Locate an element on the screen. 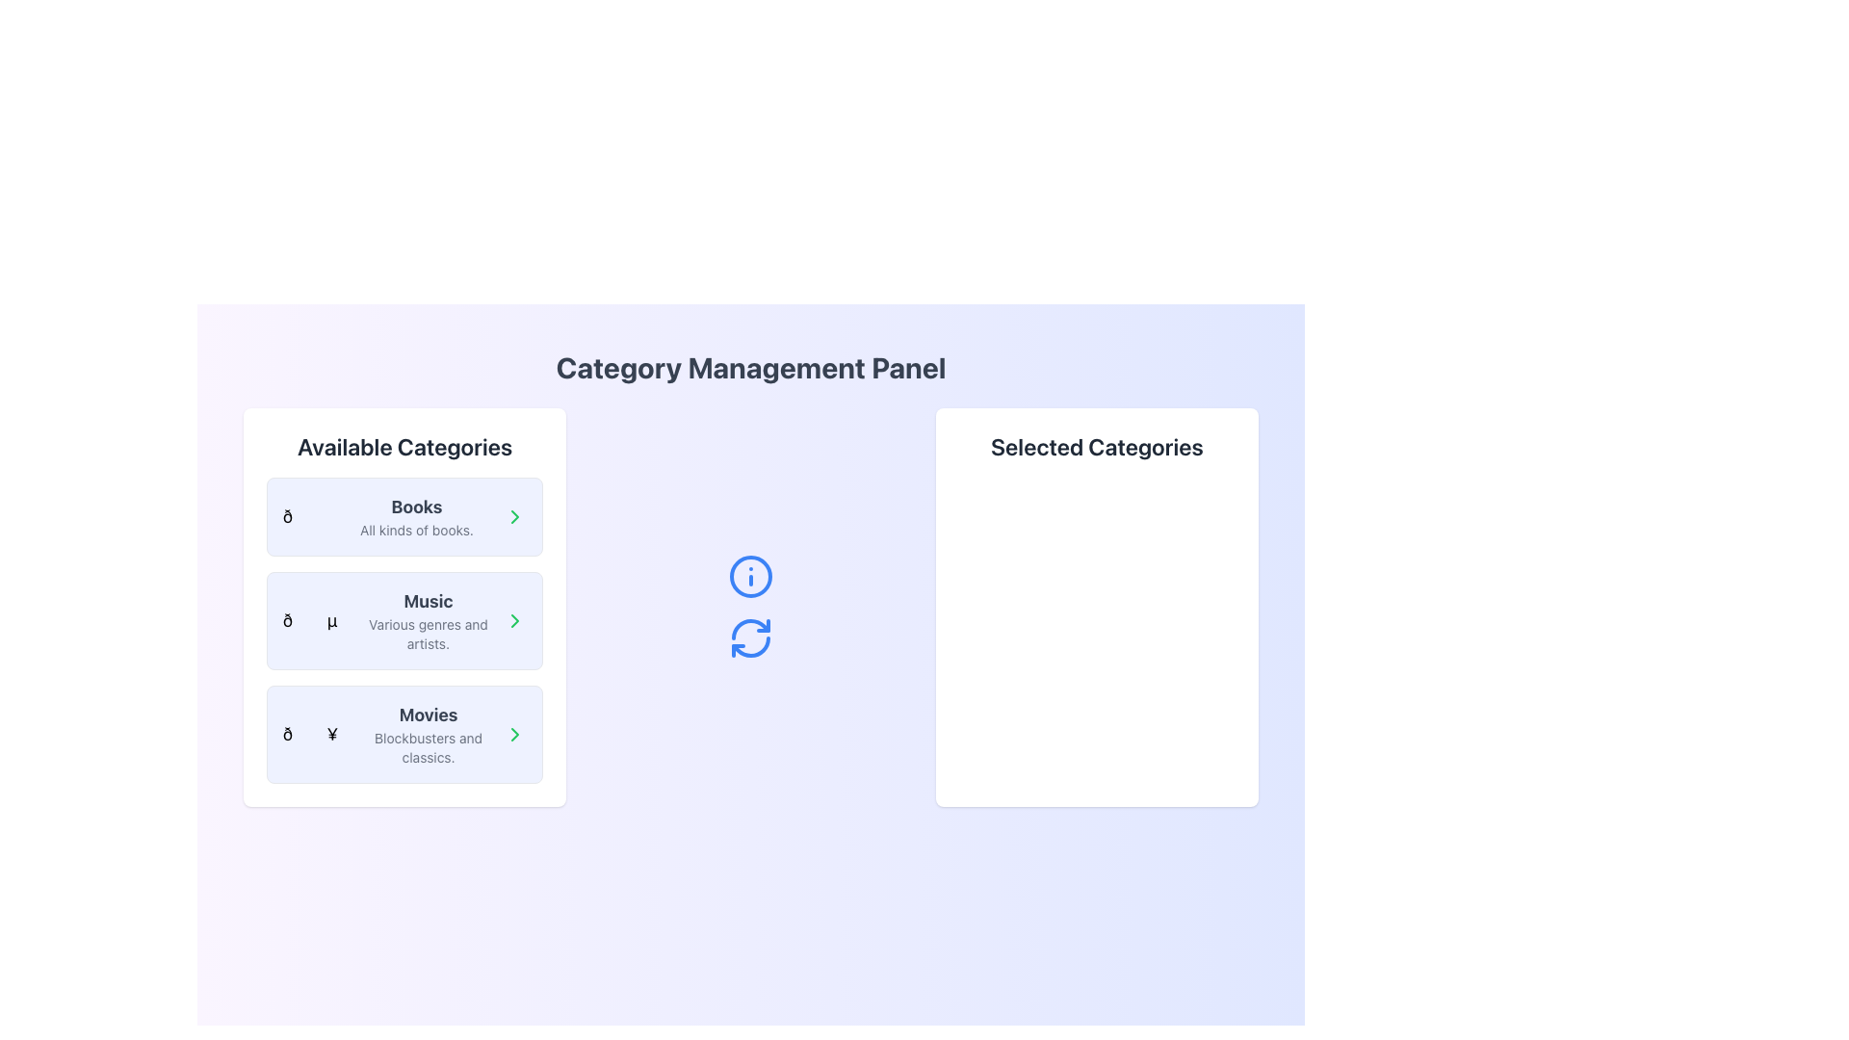  description of the 'Movies' category text block, which includes the heading and the description 'Blockbusters and classics.' This element is the last entry in the 'Available Categories' list on the left side of the layout is located at coordinates (428, 735).